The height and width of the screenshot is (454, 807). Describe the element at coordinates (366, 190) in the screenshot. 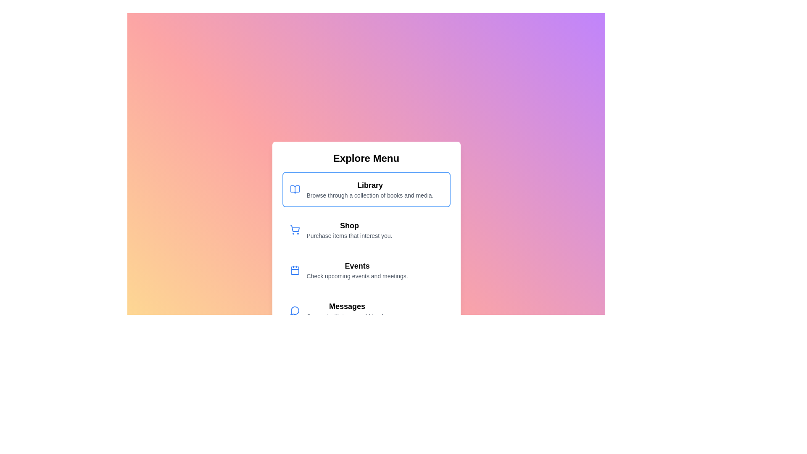

I see `the menu option corresponding to Library` at that location.